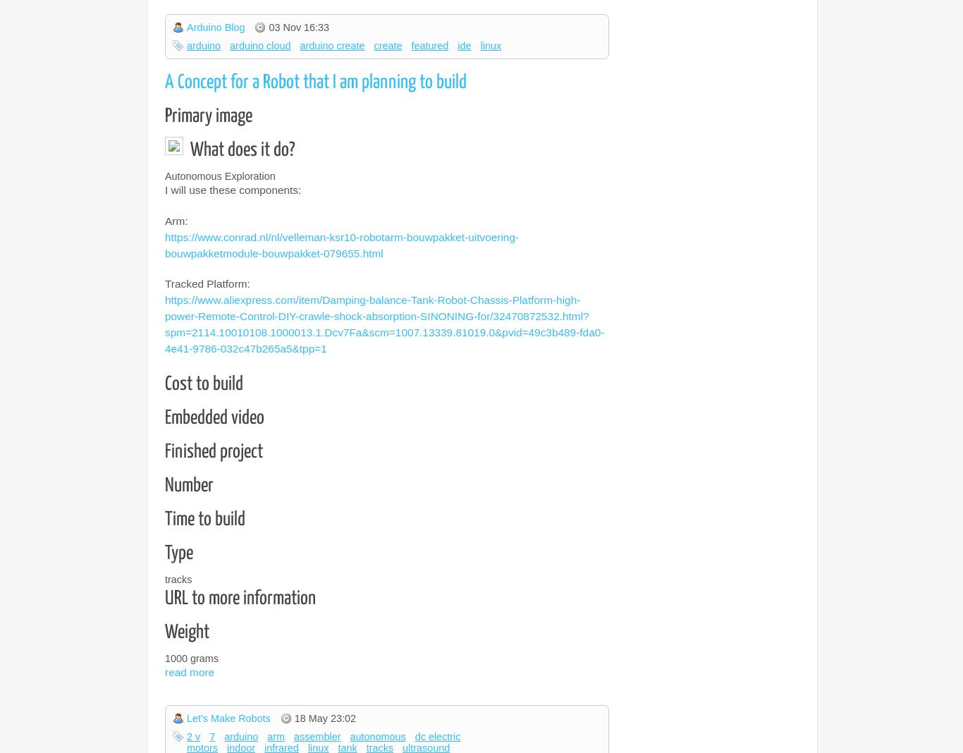 Image resolution: width=963 pixels, height=753 pixels. What do you see at coordinates (212, 735) in the screenshot?
I see `'7'` at bounding box center [212, 735].